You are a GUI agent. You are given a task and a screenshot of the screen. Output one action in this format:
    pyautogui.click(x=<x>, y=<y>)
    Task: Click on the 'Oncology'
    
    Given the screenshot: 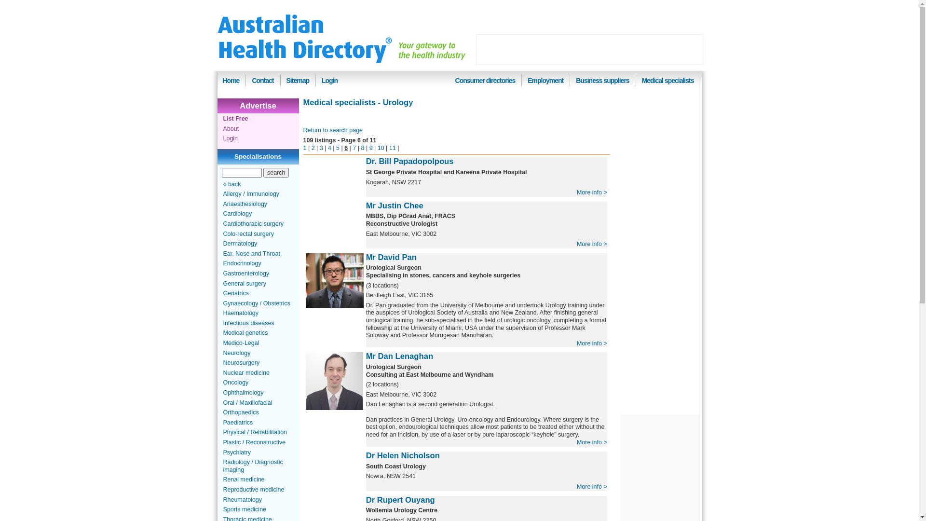 What is the action you would take?
    pyautogui.click(x=235, y=382)
    